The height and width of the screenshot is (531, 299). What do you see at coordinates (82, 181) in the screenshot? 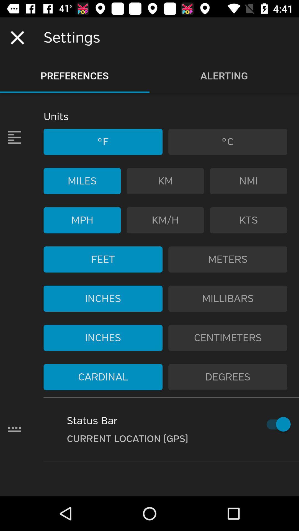
I see `the item to the left of km` at bounding box center [82, 181].